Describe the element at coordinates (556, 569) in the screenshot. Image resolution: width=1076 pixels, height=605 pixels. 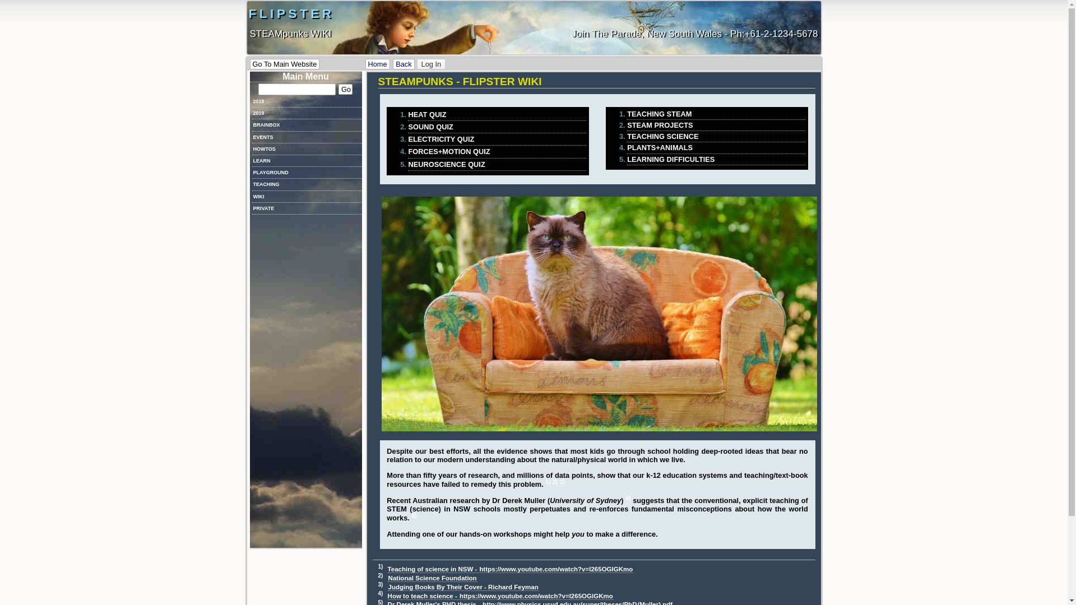
I see `'https://www.youtube.com/watch?v=l265OGIGKmo'` at that location.